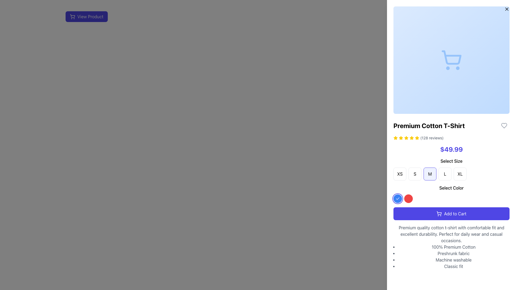  What do you see at coordinates (401, 137) in the screenshot?
I see `the first Rating Star Icon located in the product details section, which serves as a visual indicator of the product's rating` at bounding box center [401, 137].